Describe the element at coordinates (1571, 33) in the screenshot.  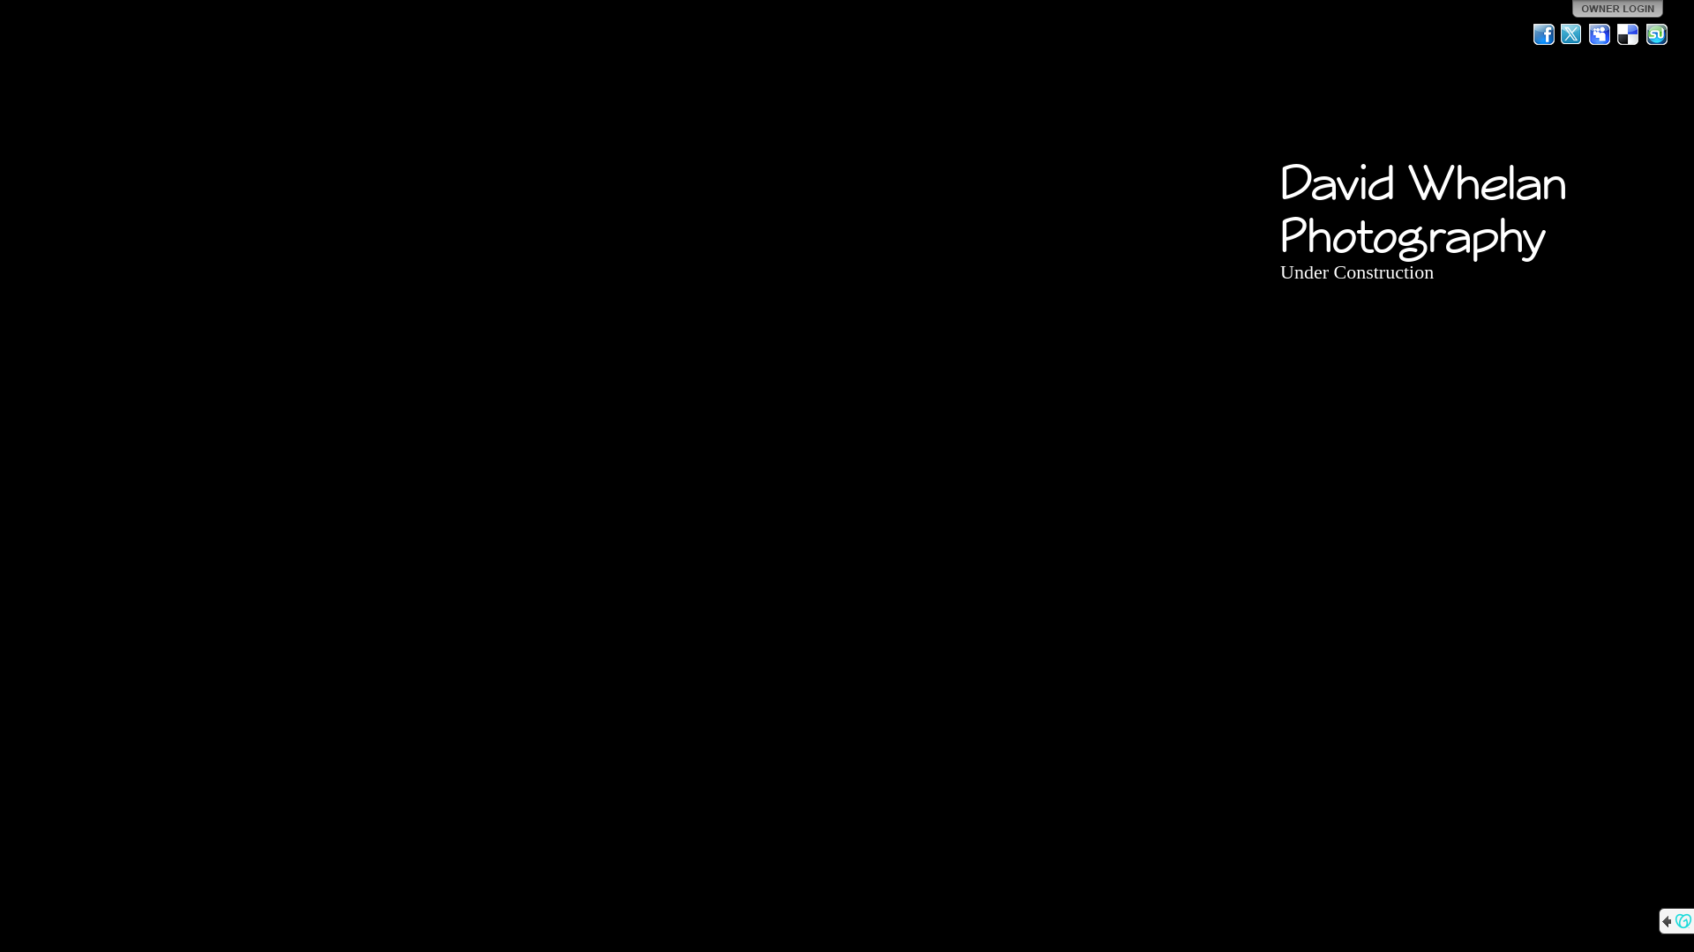
I see `'Twitter'` at that location.